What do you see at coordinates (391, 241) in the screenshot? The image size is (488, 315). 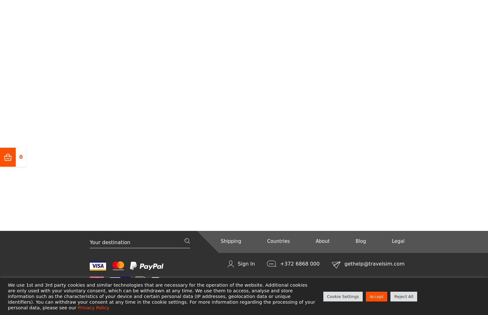 I see `'Legal'` at bounding box center [391, 241].